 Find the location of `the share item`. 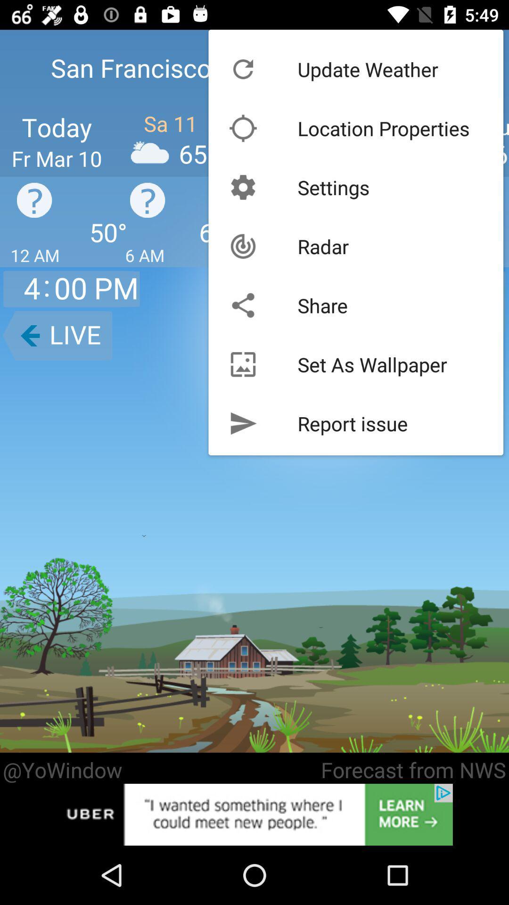

the share item is located at coordinates (322, 305).